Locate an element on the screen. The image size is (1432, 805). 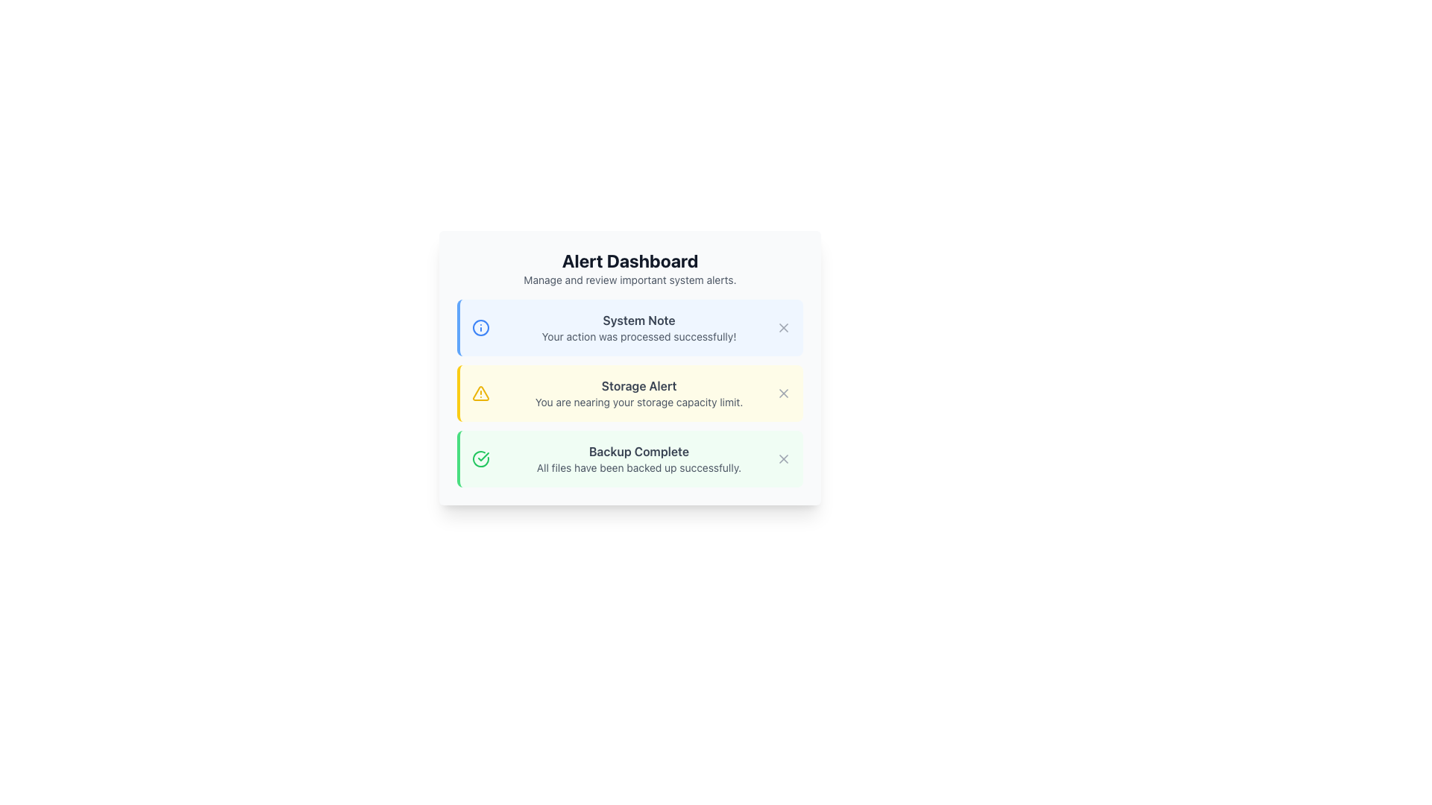
the close button icon located at the top-right corner of the 'Storage Alert' notification to change its color is located at coordinates (783, 393).